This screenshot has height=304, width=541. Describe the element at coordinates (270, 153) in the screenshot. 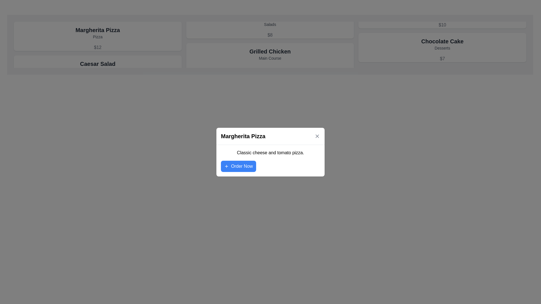

I see `the text label providing details about the 'Margherita Pizza' item, which is centrally located in the pop-up box, below the title and above the 'Order Now' button` at that location.